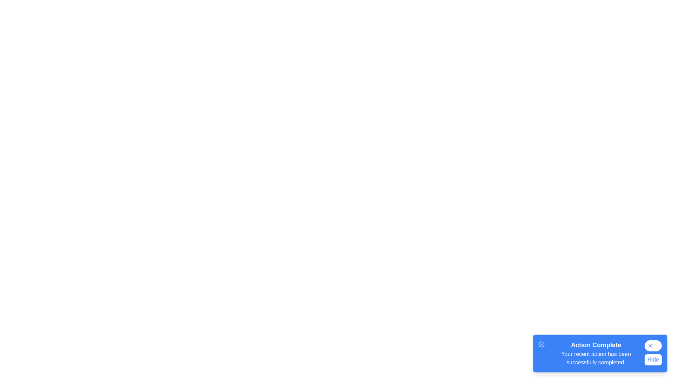  What do you see at coordinates (541, 344) in the screenshot?
I see `the checkmark icon beside the text in the snackbar` at bounding box center [541, 344].